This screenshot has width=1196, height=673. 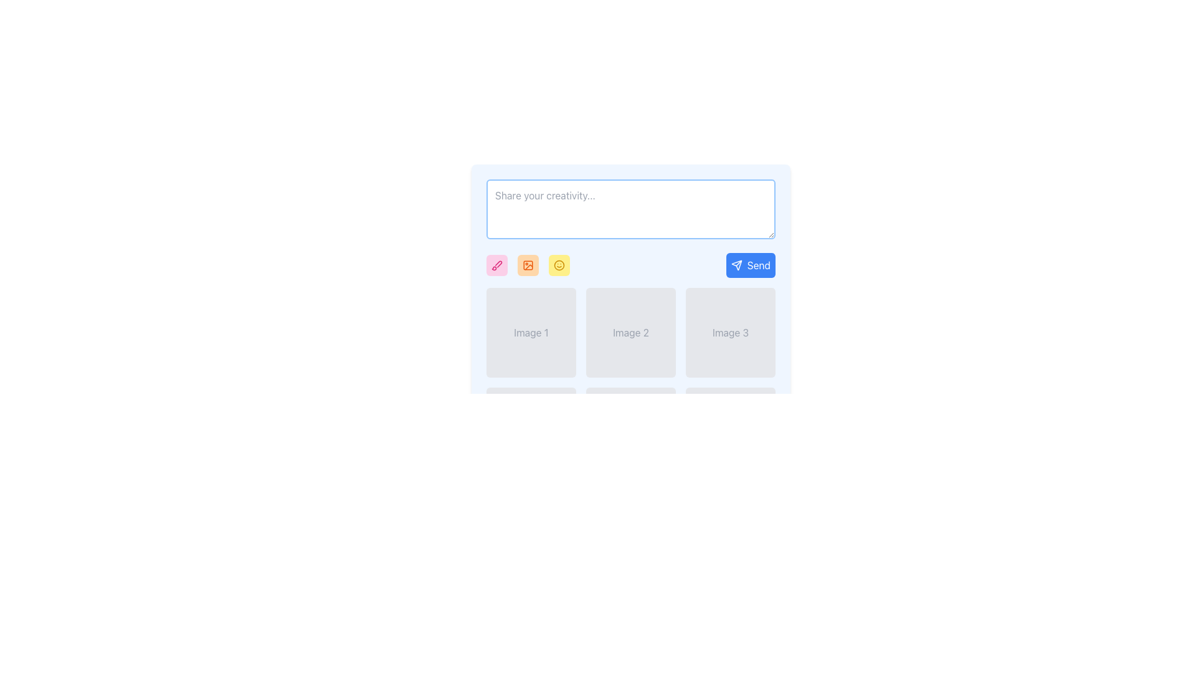 I want to click on the second button in the horizontal row of three buttons, which has a rounded rectangle shape with an orange background and an image-related icon, so click(x=528, y=264).